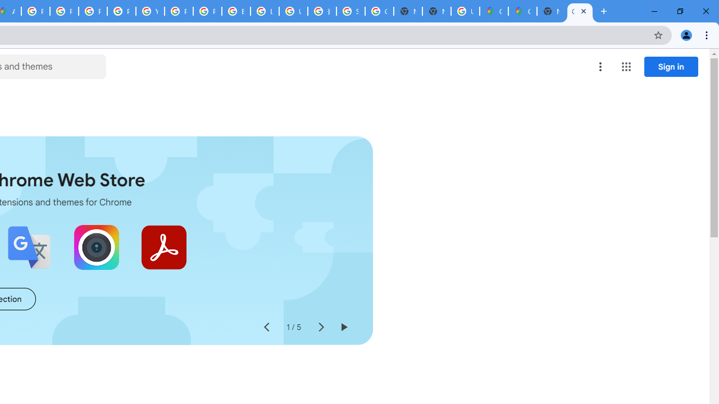  Describe the element at coordinates (163, 247) in the screenshot. I see `'Adobe Acrobat: PDF edit, convert, sign tools'` at that location.